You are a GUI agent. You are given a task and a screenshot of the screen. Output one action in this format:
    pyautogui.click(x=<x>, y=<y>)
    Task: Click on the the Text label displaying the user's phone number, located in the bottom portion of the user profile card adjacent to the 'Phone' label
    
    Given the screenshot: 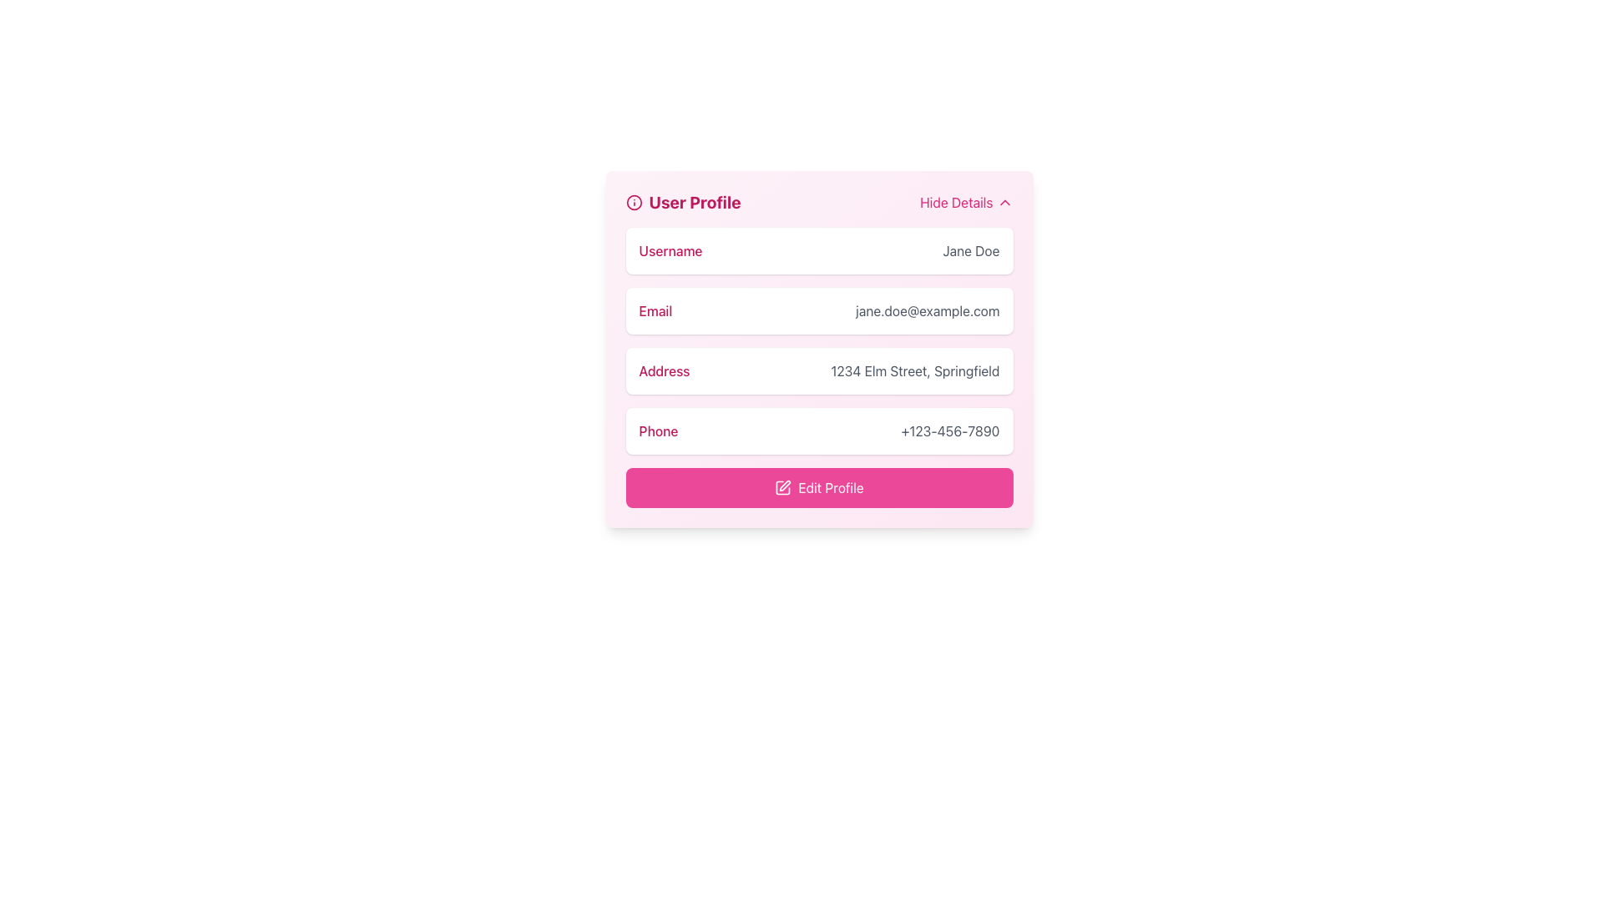 What is the action you would take?
    pyautogui.click(x=950, y=430)
    